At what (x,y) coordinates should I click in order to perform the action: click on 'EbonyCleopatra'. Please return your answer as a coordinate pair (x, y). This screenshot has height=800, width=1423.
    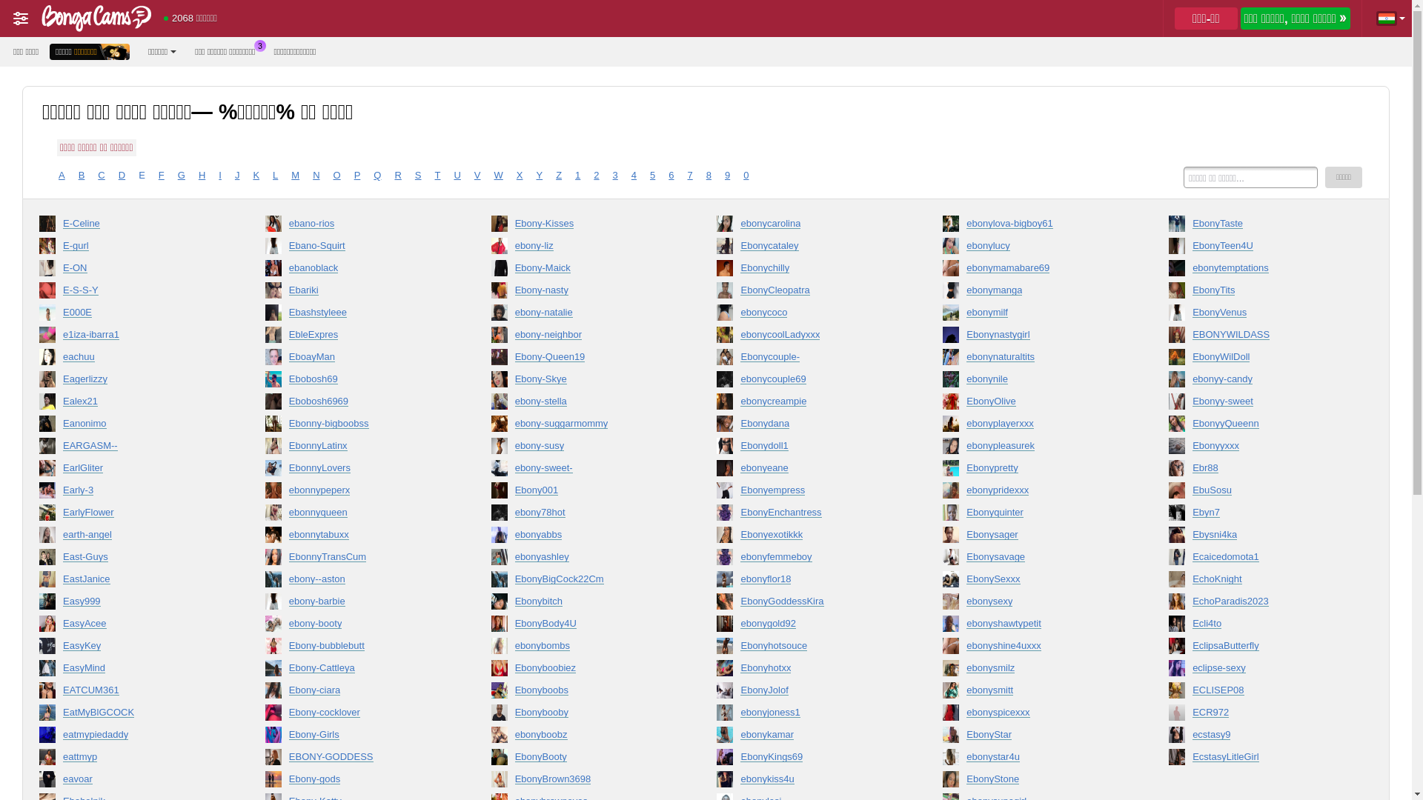
    Looking at the image, I should click on (807, 293).